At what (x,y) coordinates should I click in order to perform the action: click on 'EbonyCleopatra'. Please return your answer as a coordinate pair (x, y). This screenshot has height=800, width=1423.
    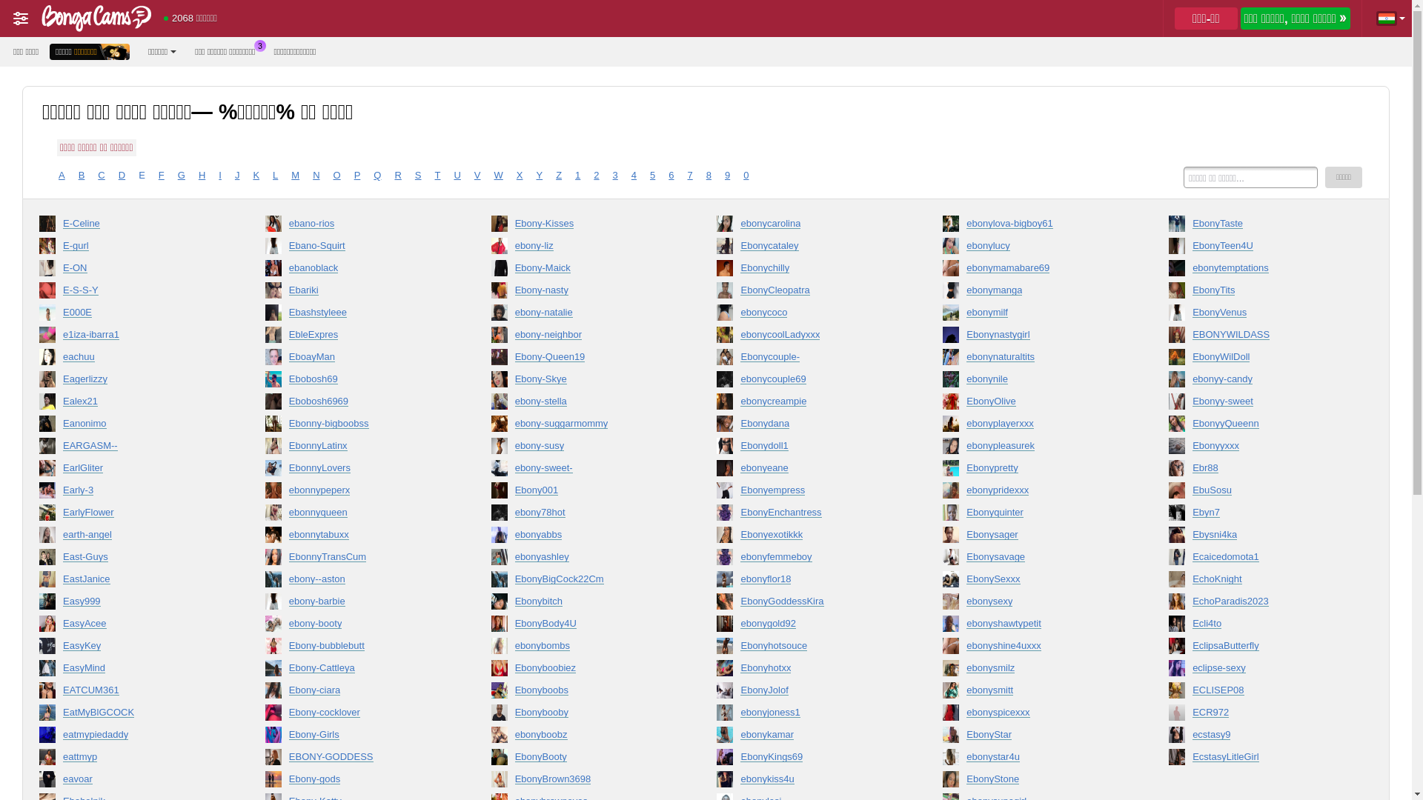
    Looking at the image, I should click on (807, 293).